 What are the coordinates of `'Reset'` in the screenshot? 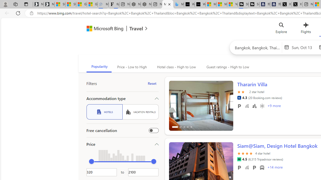 It's located at (152, 83).